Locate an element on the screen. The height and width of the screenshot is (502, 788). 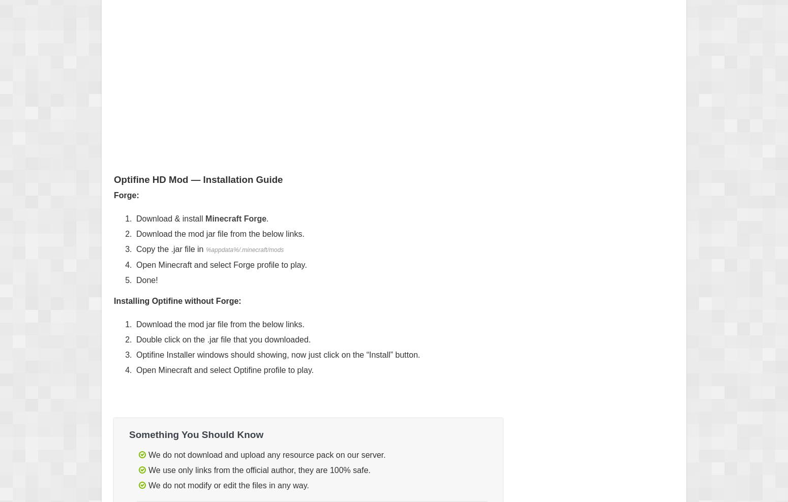
'Double click on the .jar file that you downloaded.' is located at coordinates (223, 339).